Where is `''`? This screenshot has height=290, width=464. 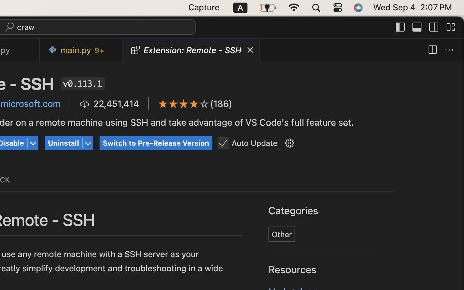
'' is located at coordinates (33, 143).